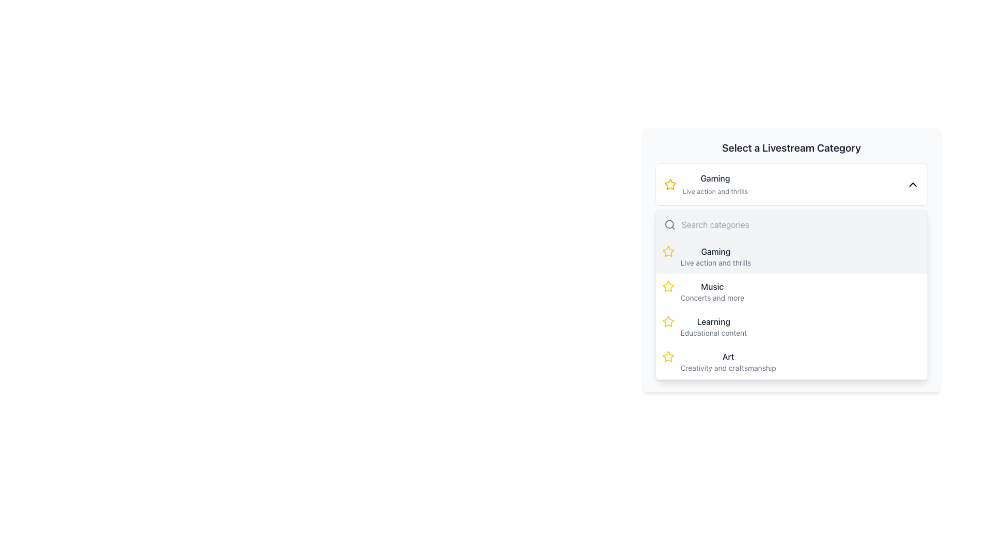 Image resolution: width=991 pixels, height=557 pixels. Describe the element at coordinates (714, 191) in the screenshot. I see `the text label element containing 'Live action and thrills', which is styled in light gray and positioned directly below the 'Gaming' title in the 'Select a Livestream Category' interface` at that location.